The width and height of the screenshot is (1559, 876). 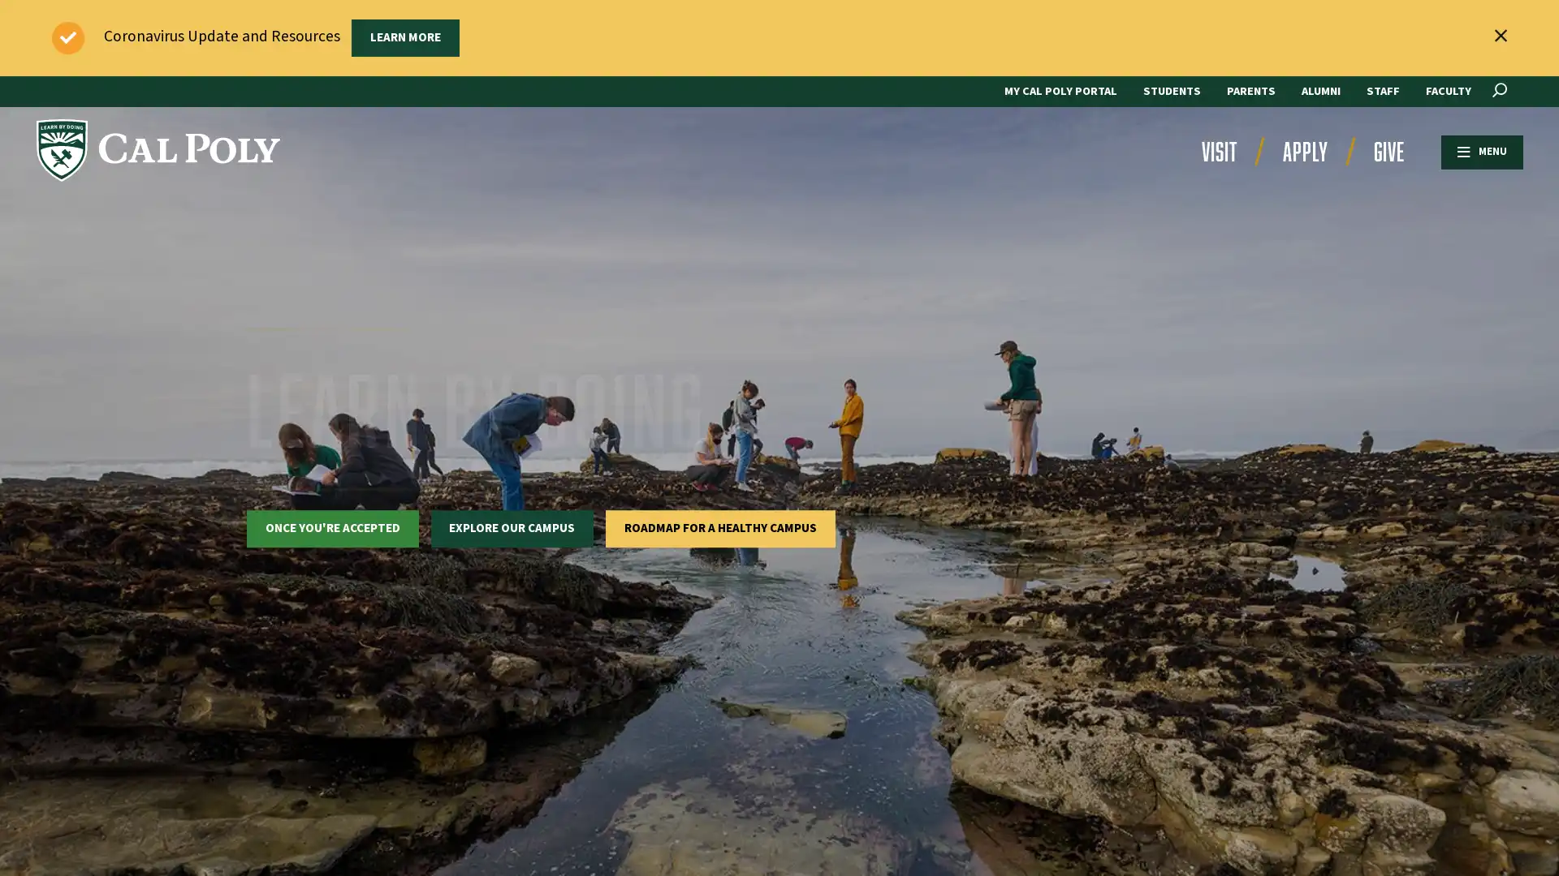 What do you see at coordinates (1499, 90) in the screenshot?
I see `Open Search Menu` at bounding box center [1499, 90].